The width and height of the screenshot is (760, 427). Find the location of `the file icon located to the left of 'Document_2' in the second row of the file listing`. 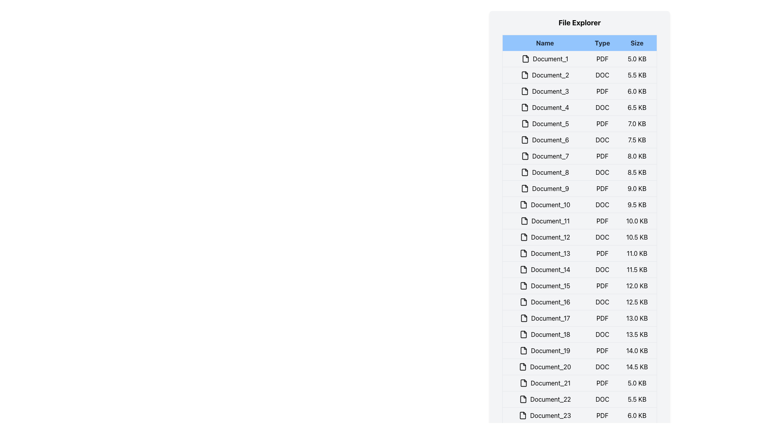

the file icon located to the left of 'Document_2' in the second row of the file listing is located at coordinates (525, 75).